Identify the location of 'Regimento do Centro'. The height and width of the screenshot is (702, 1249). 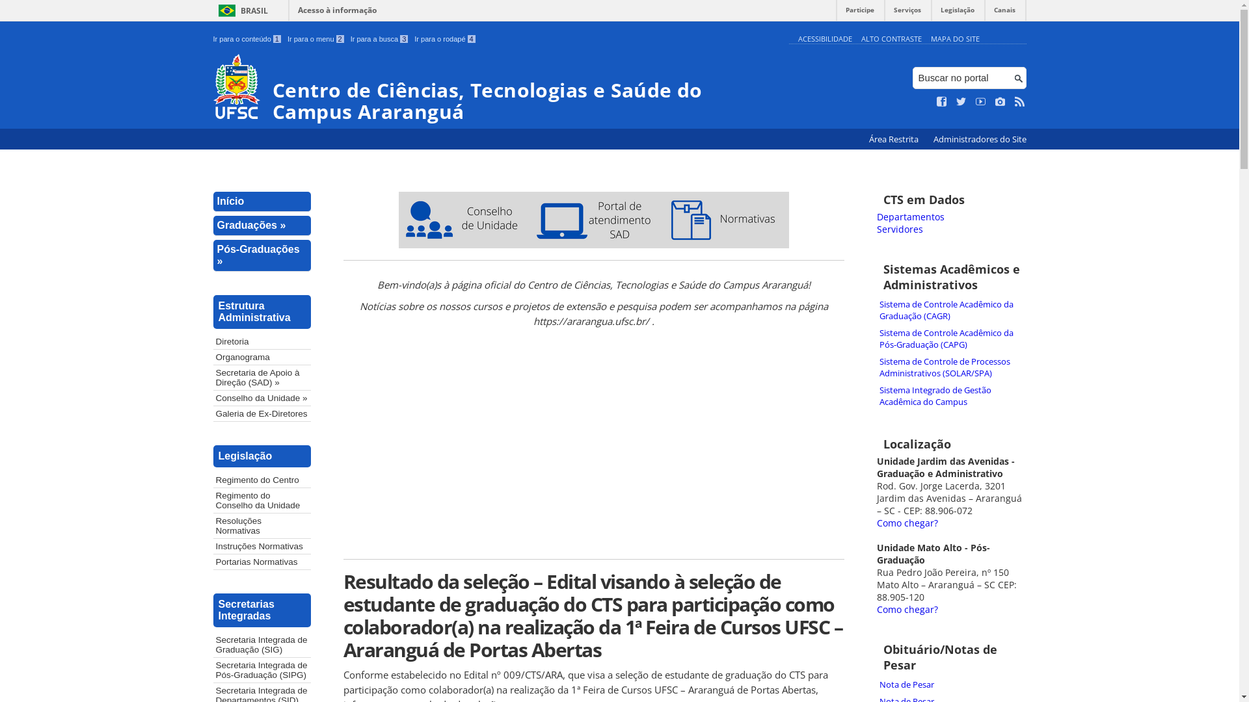
(262, 480).